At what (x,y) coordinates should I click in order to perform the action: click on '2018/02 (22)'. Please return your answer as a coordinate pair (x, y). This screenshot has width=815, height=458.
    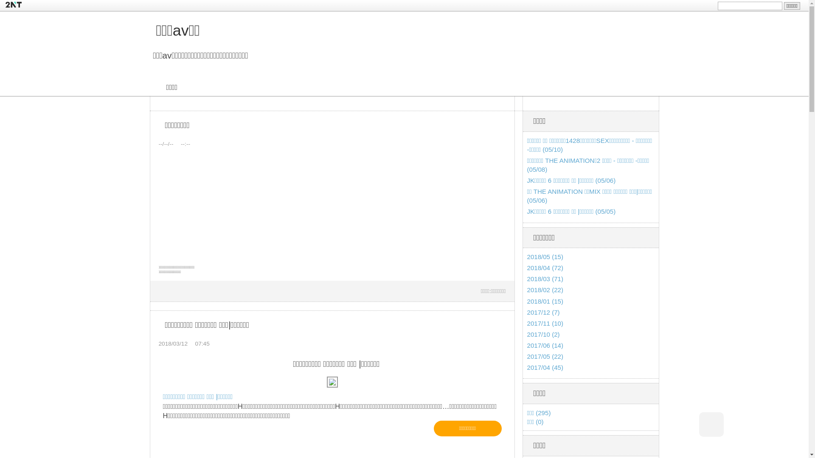
    Looking at the image, I should click on (545, 289).